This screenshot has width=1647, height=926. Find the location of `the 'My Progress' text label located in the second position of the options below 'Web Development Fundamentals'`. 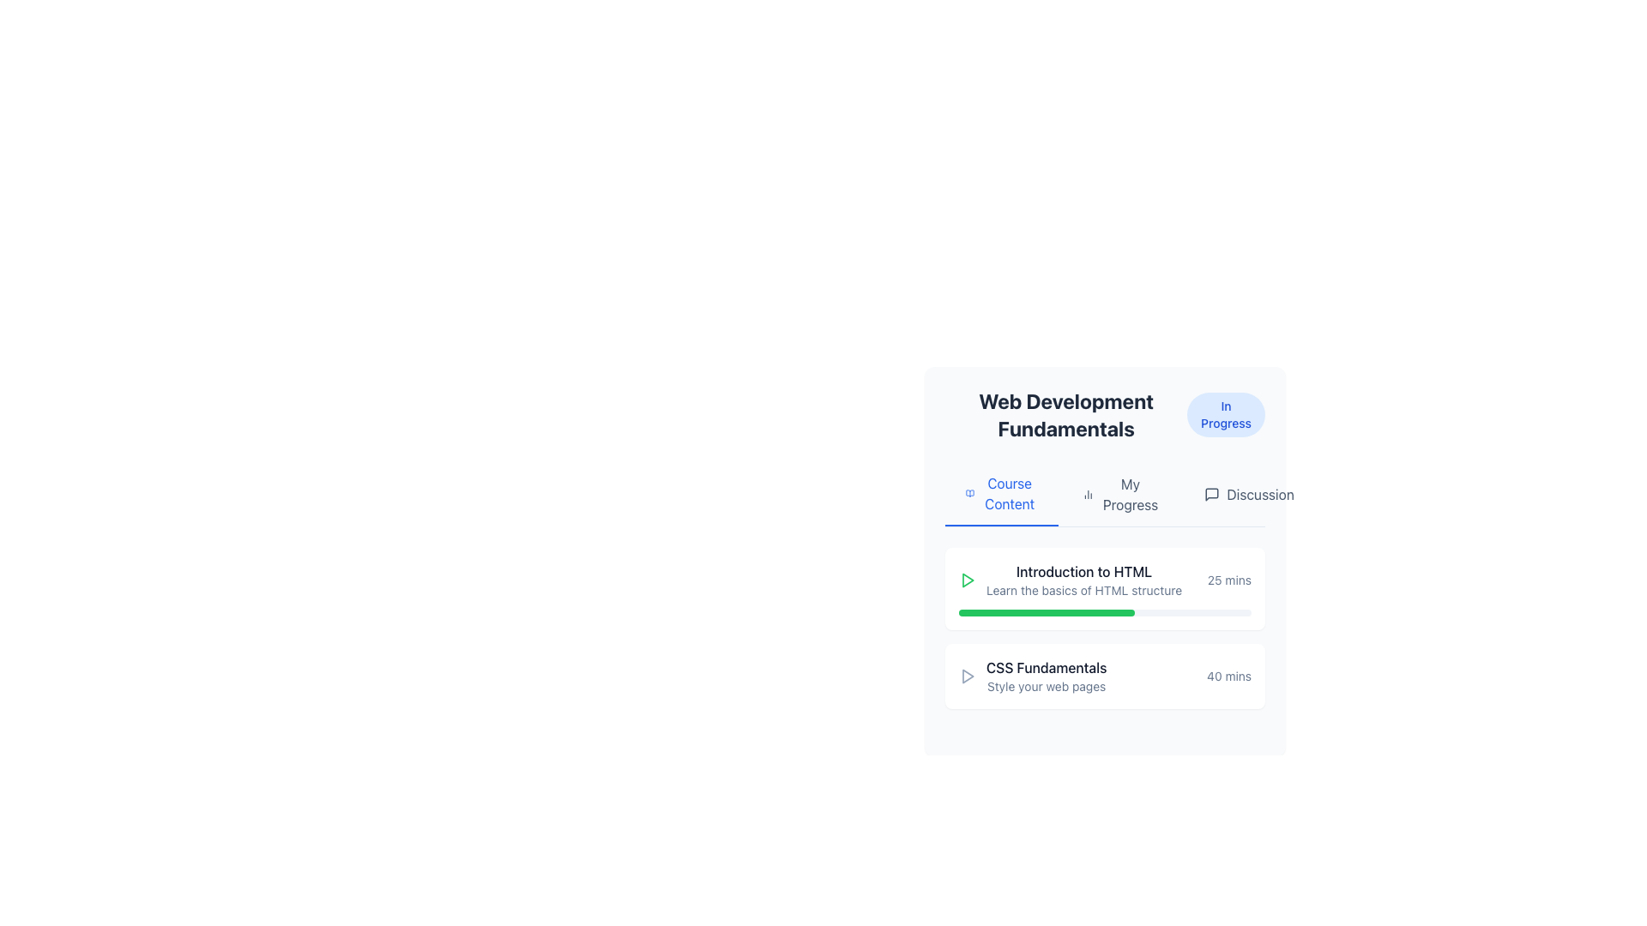

the 'My Progress' text label located in the second position of the options below 'Web Development Fundamentals' is located at coordinates (1131, 495).